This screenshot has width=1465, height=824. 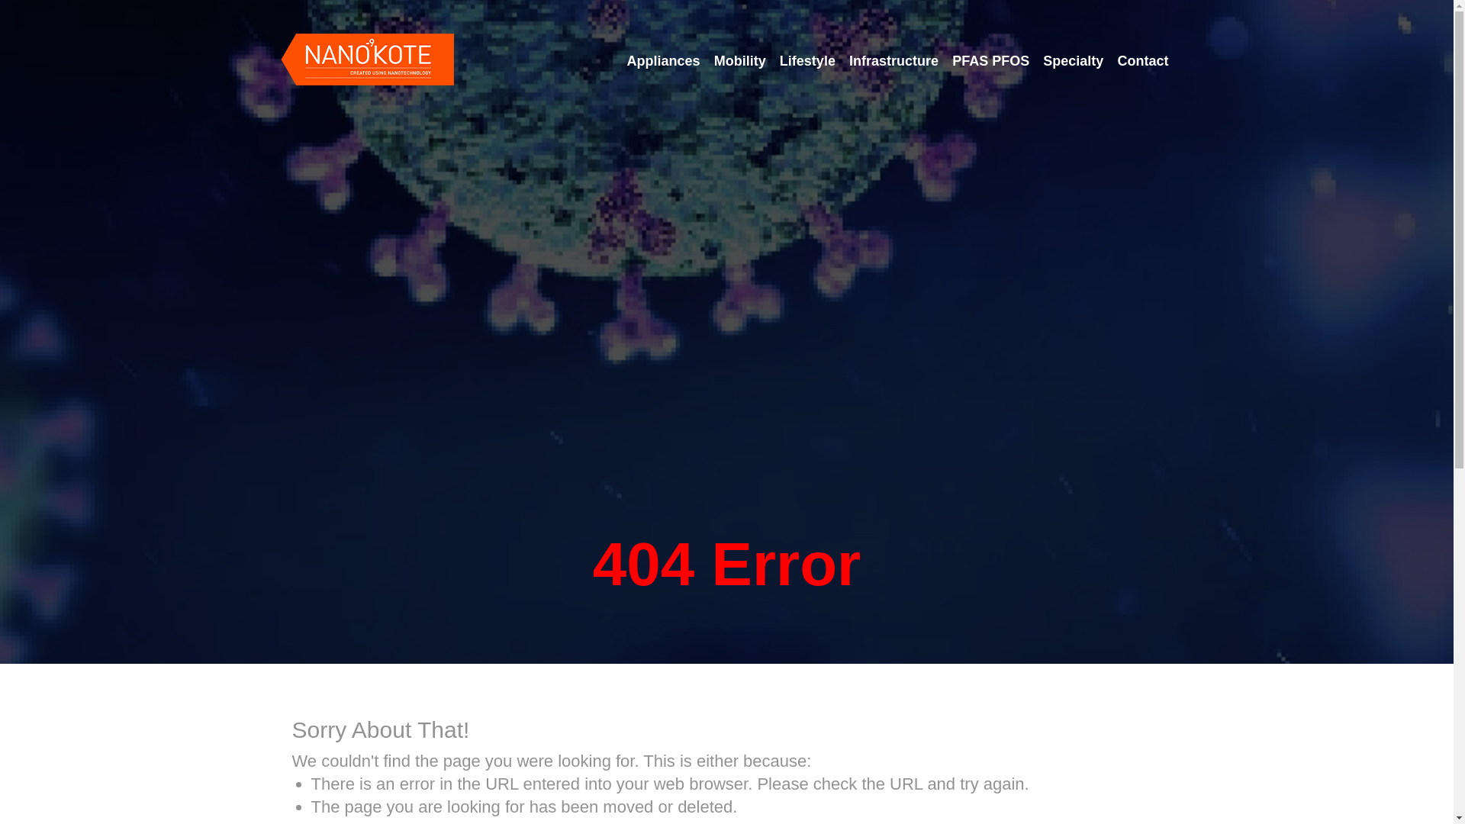 I want to click on 'Specialty', so click(x=1072, y=60).